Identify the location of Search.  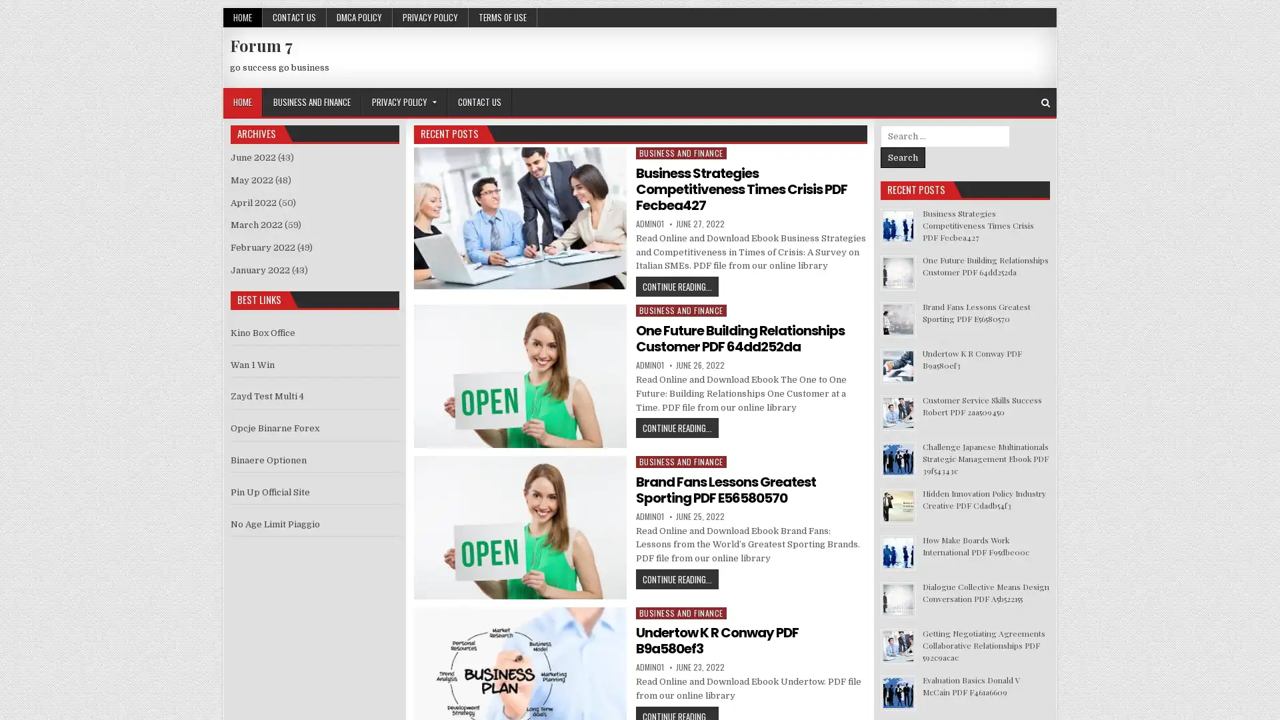
(903, 157).